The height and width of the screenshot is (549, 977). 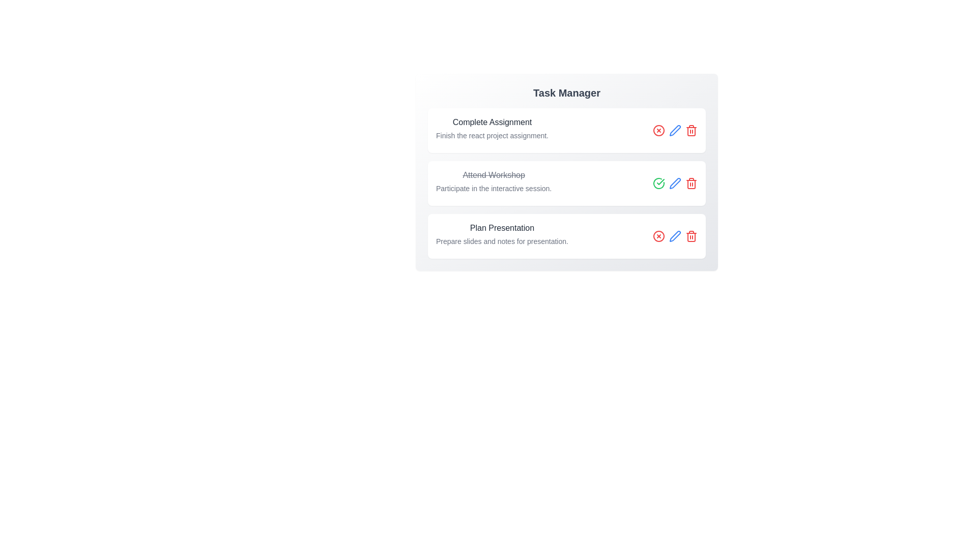 I want to click on delete button for the task titled 'Attend Workshop', so click(x=691, y=184).